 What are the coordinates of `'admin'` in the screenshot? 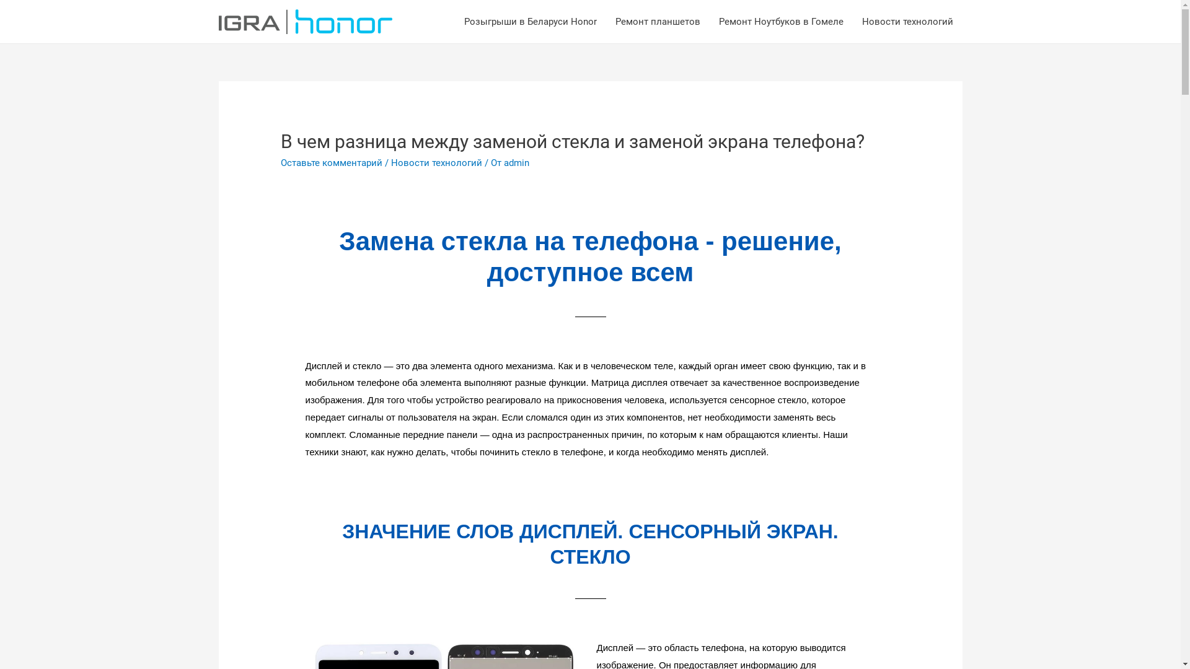 It's located at (516, 162).